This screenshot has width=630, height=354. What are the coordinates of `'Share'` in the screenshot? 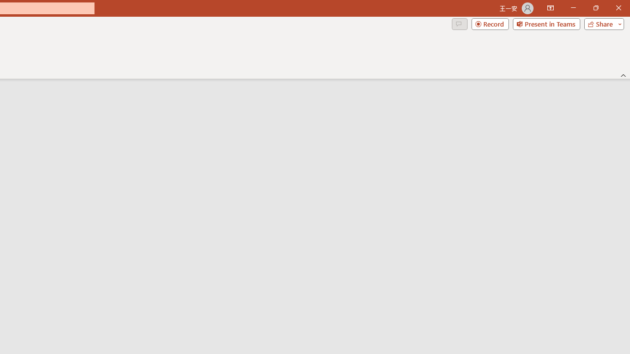 It's located at (601, 23).